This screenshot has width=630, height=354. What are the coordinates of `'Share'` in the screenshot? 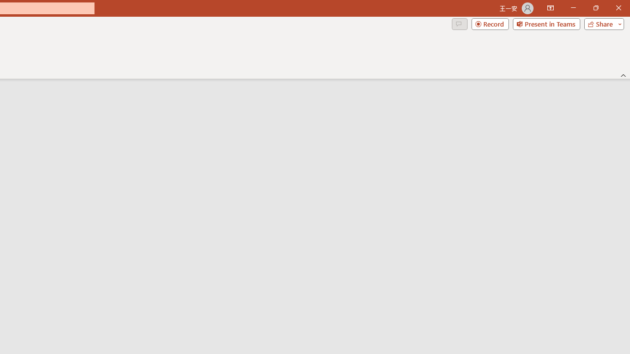 It's located at (601, 23).